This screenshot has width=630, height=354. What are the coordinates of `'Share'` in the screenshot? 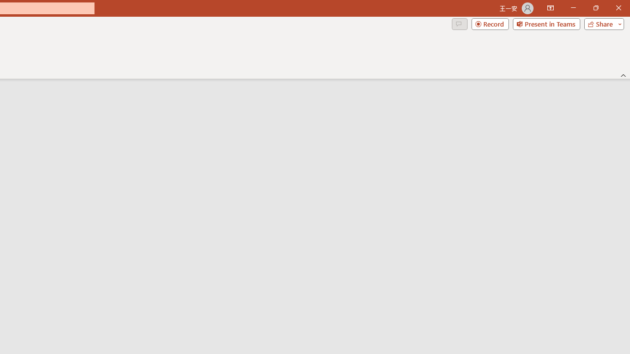 It's located at (601, 23).